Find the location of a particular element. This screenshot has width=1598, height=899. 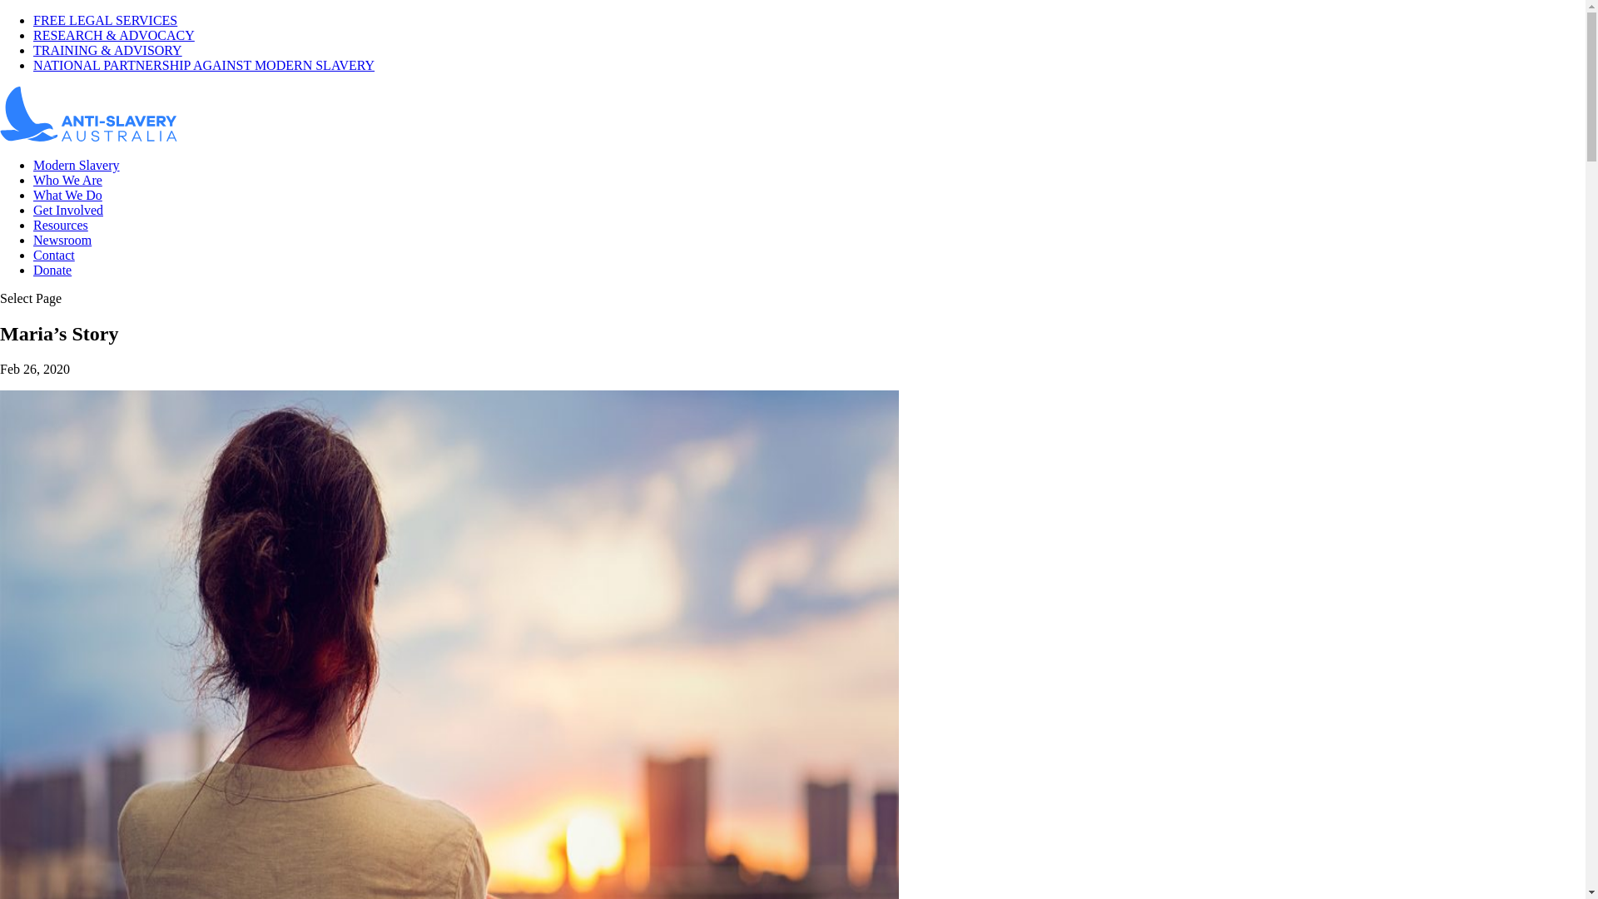

'Resources' is located at coordinates (60, 225).